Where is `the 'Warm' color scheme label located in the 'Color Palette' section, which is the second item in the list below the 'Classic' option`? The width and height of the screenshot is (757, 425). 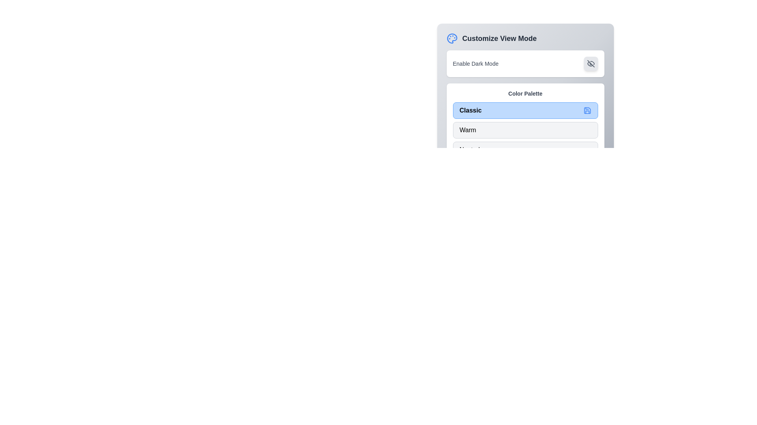 the 'Warm' color scheme label located in the 'Color Palette' section, which is the second item in the list below the 'Classic' option is located at coordinates (468, 130).